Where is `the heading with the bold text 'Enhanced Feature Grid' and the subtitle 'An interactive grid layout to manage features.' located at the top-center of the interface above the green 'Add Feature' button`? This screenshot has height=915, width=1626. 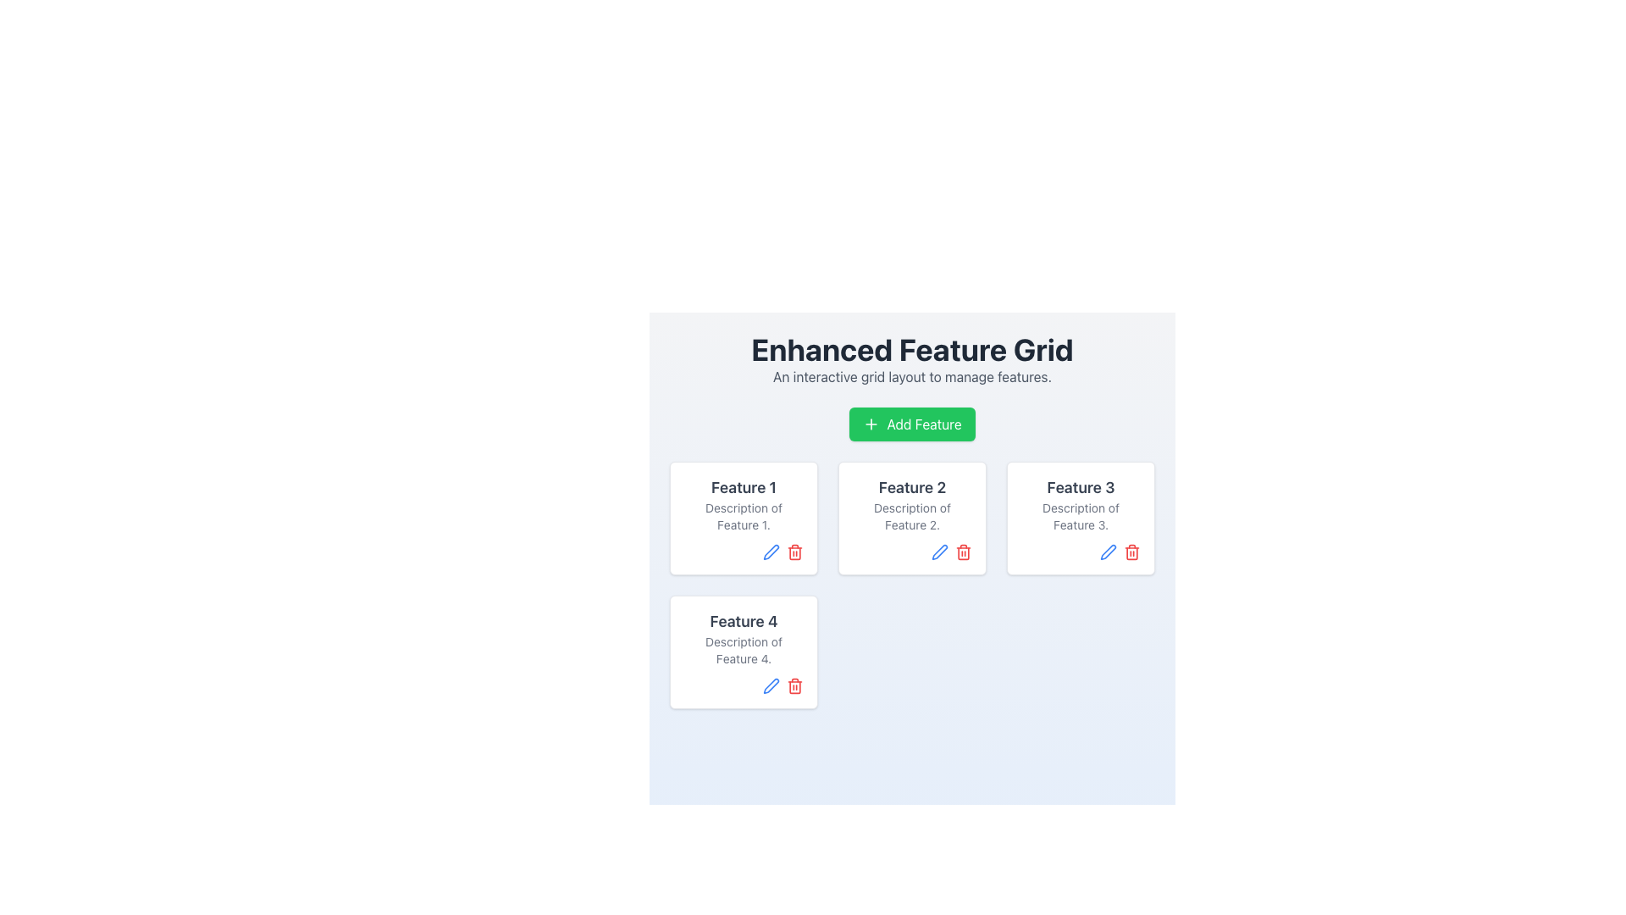
the heading with the bold text 'Enhanced Feature Grid' and the subtitle 'An interactive grid layout to manage features.' located at the top-center of the interface above the green 'Add Feature' button is located at coordinates (911, 358).